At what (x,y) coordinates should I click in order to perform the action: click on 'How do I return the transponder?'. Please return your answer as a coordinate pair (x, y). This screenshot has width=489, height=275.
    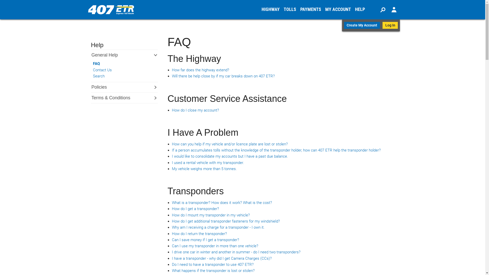
    Looking at the image, I should click on (199, 234).